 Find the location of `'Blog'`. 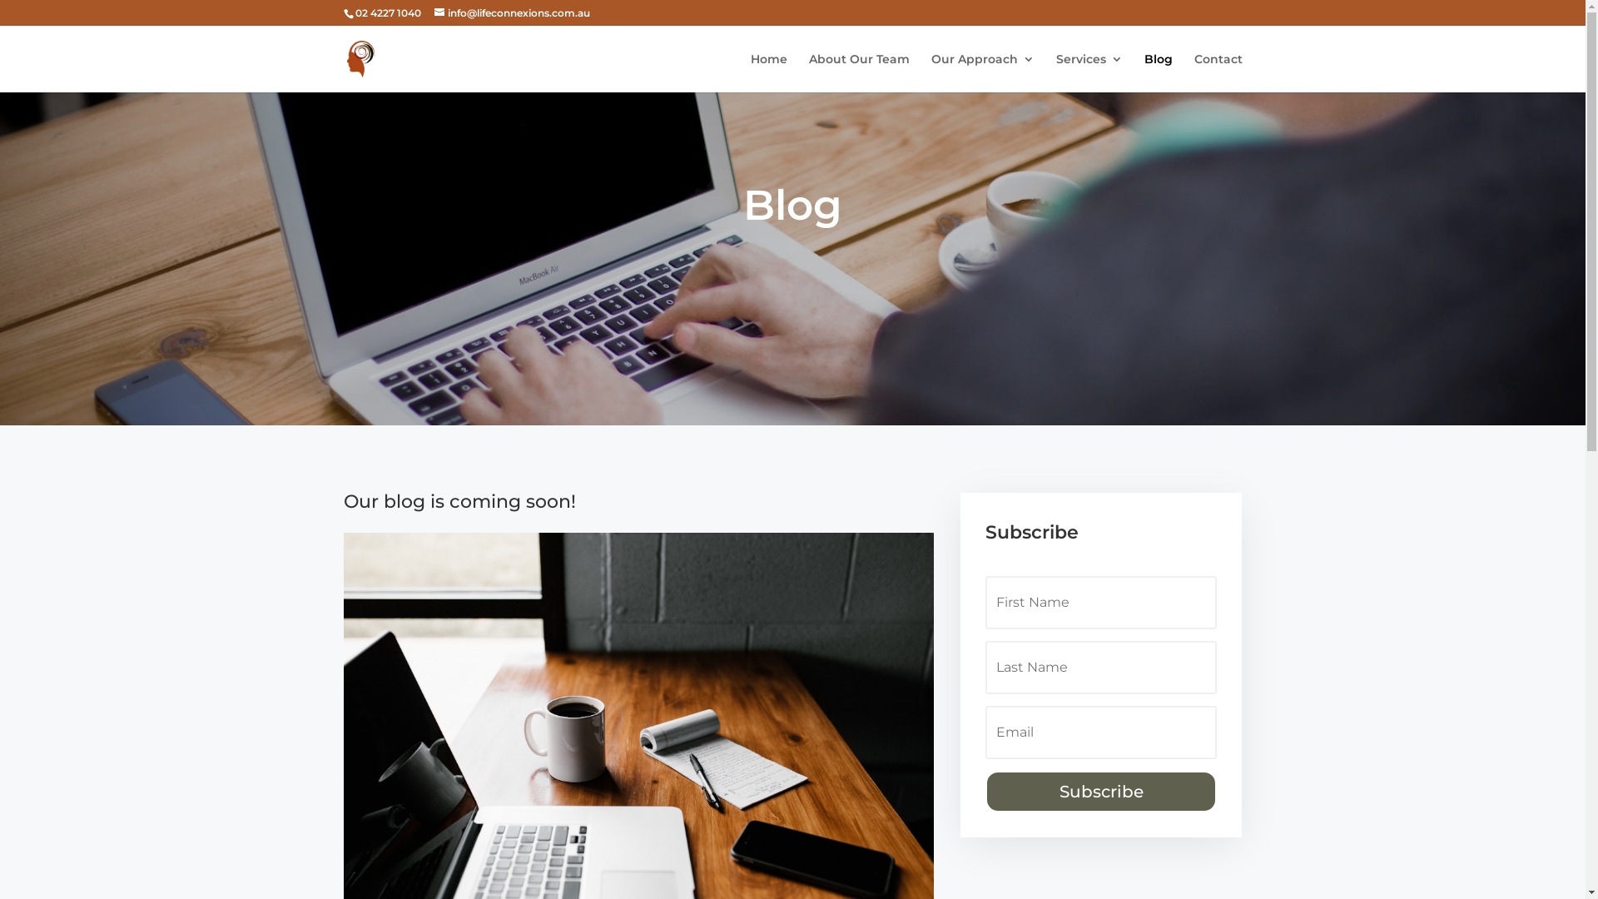

'Blog' is located at coordinates (1157, 72).